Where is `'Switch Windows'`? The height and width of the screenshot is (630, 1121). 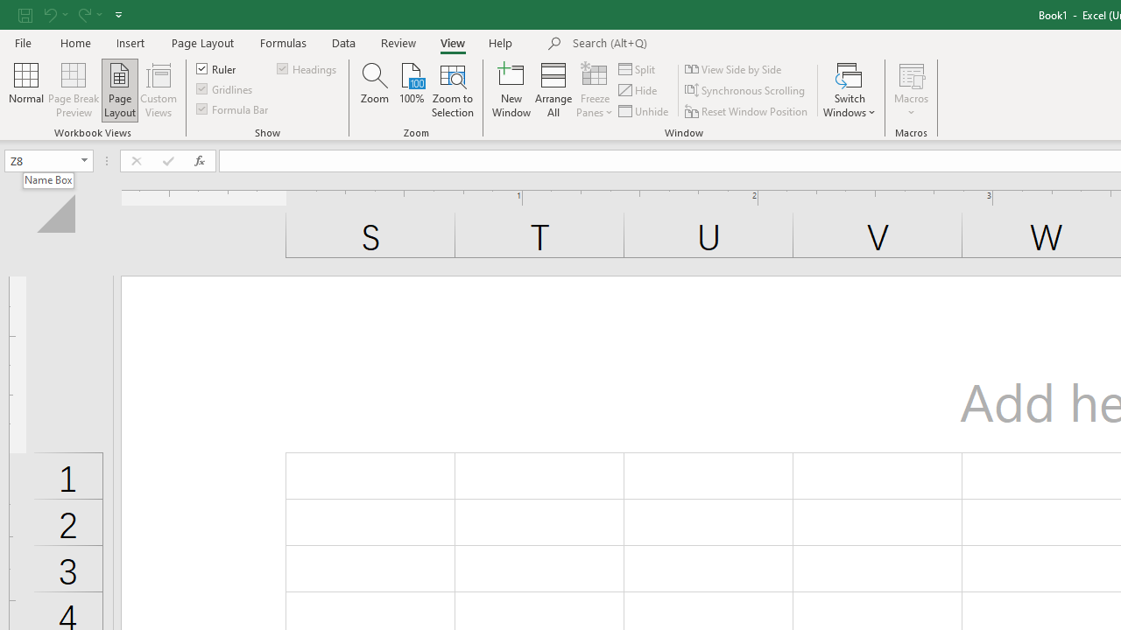
'Switch Windows' is located at coordinates (850, 90).